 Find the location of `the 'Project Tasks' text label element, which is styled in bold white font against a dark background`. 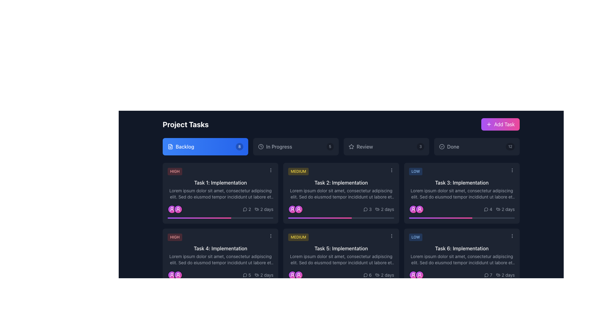

the 'Project Tasks' text label element, which is styled in bold white font against a dark background is located at coordinates (185, 124).